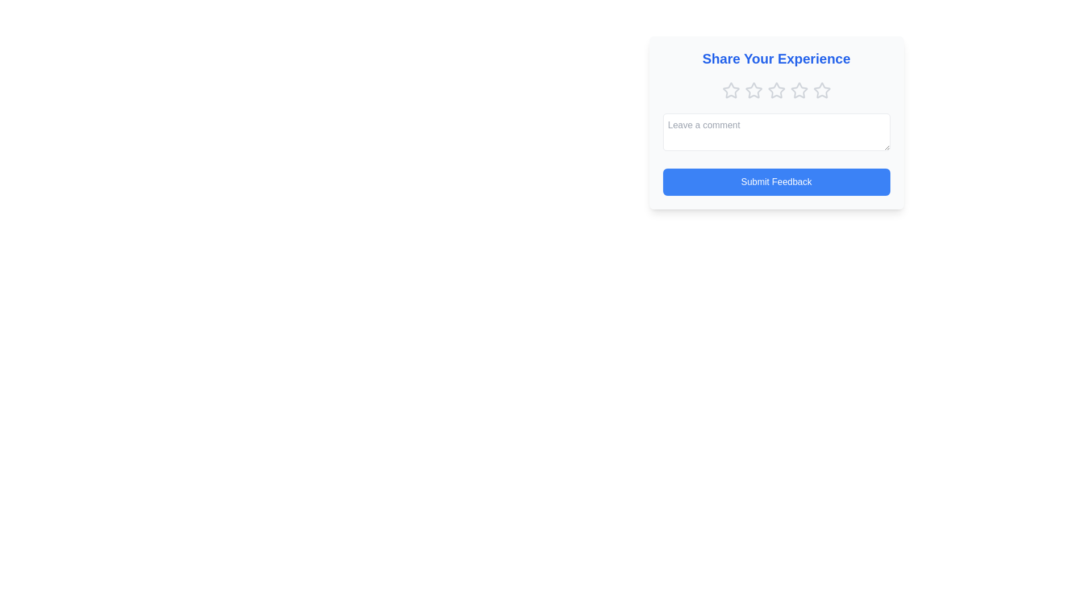  Describe the element at coordinates (776, 181) in the screenshot. I see `the 'Submit Feedback' button, which has a blue background and white text, to observe visual changes` at that location.